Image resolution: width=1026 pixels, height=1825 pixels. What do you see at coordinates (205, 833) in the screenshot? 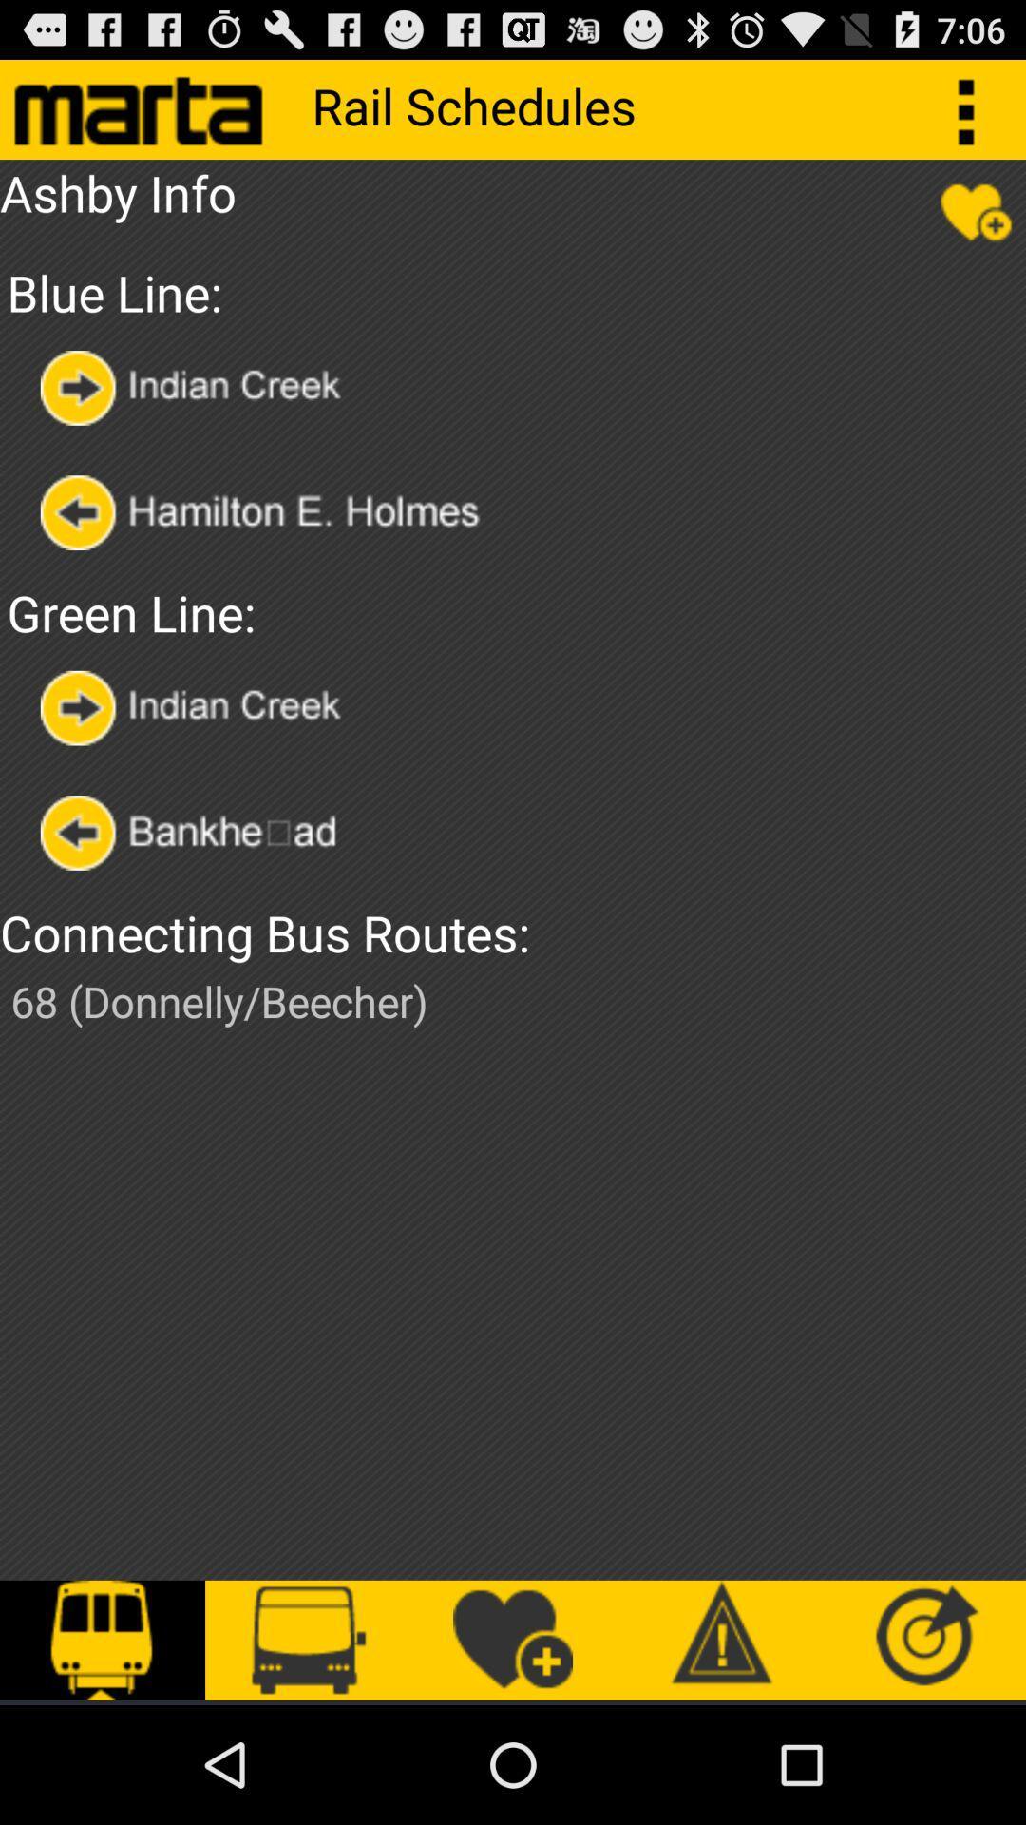
I see `go back` at bounding box center [205, 833].